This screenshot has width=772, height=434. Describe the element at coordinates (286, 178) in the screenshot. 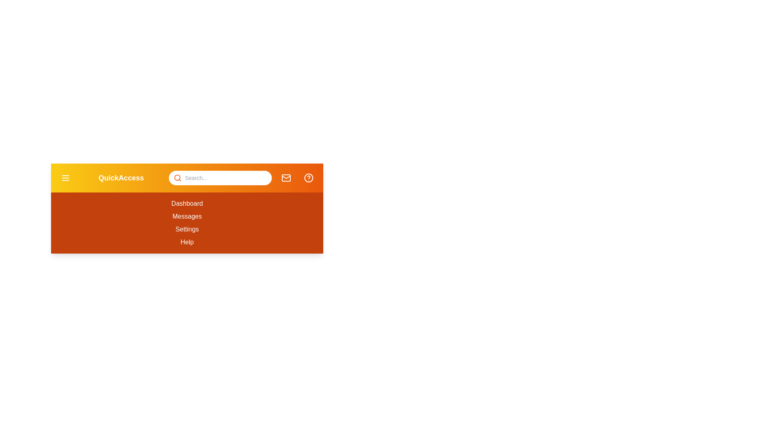

I see `the orange button with a mail envelope icon located on the right side of the top navigation area` at that location.